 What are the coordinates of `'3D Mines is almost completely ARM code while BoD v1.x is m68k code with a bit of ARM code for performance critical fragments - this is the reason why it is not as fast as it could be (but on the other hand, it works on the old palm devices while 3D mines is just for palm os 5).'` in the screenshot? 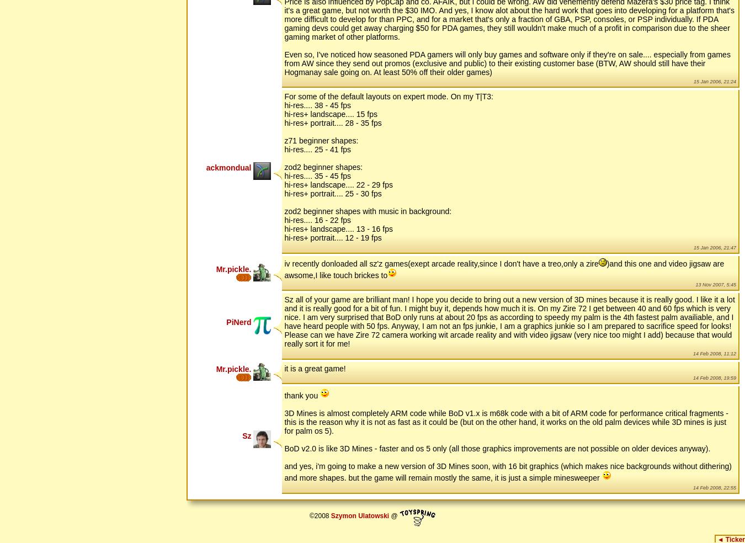 It's located at (505, 421).